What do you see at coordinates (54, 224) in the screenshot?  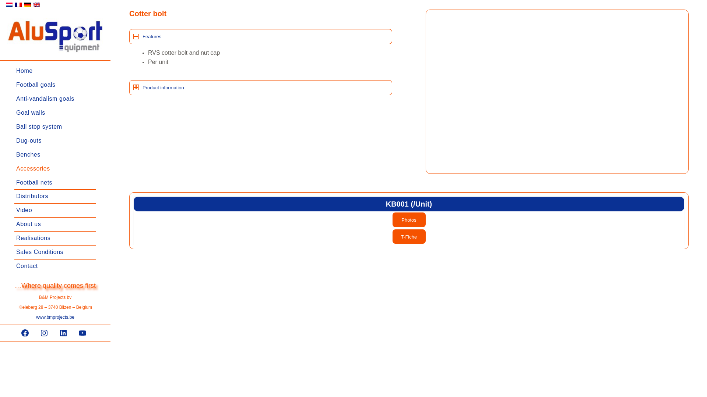 I see `'About us'` at bounding box center [54, 224].